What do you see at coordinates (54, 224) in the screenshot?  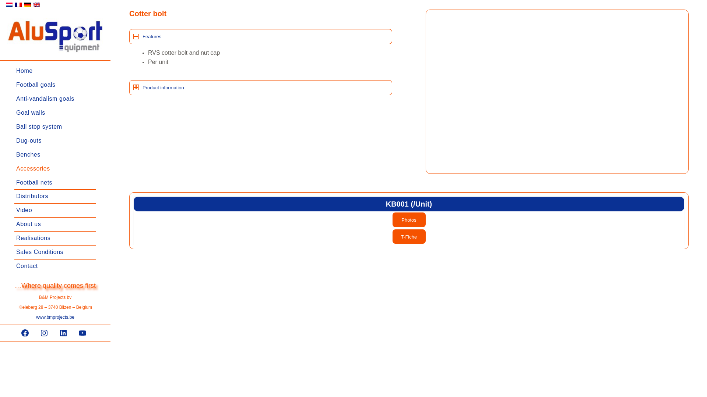 I see `'About us'` at bounding box center [54, 224].